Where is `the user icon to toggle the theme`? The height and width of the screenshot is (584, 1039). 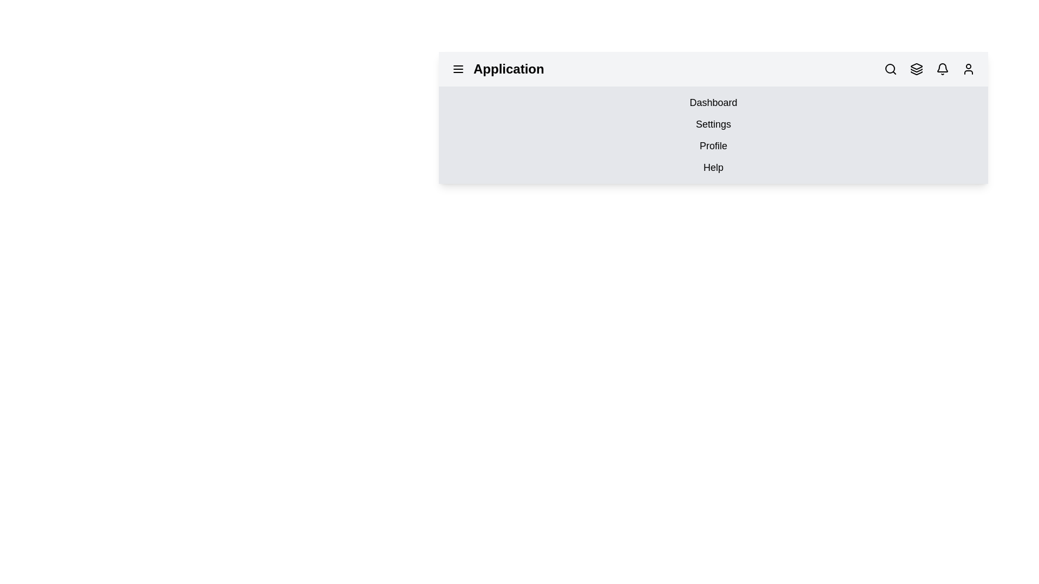 the user icon to toggle the theme is located at coordinates (969, 69).